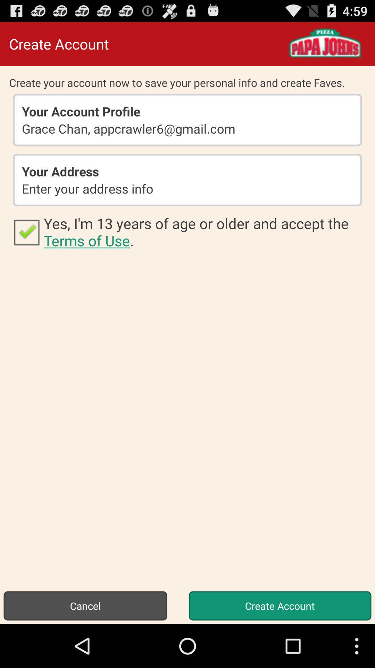 Image resolution: width=375 pixels, height=668 pixels. Describe the element at coordinates (85, 605) in the screenshot. I see `the button next to create account icon` at that location.